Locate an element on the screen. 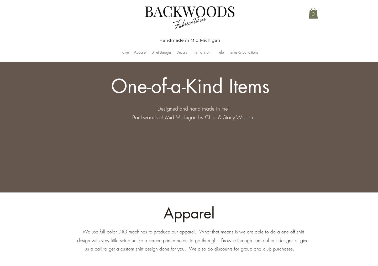  'Help' is located at coordinates (220, 52).